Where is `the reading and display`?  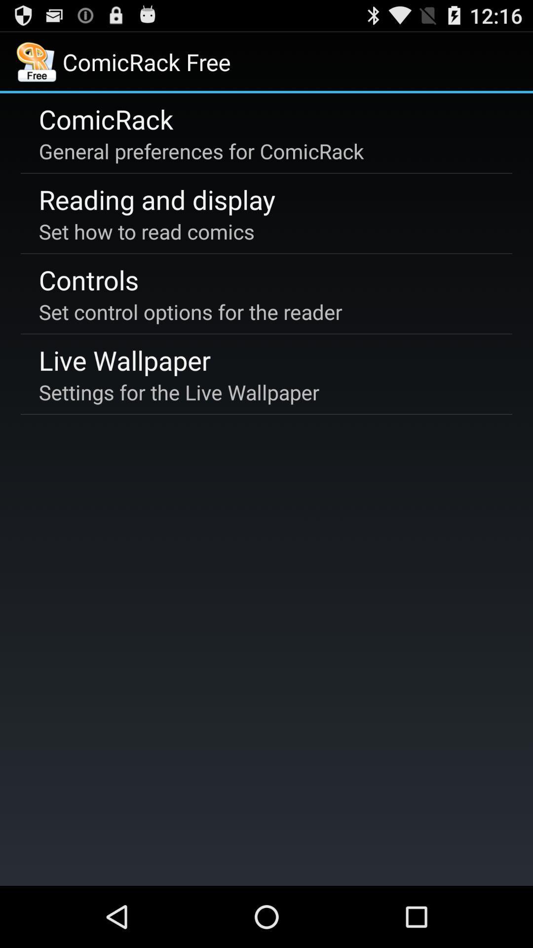
the reading and display is located at coordinates (156, 198).